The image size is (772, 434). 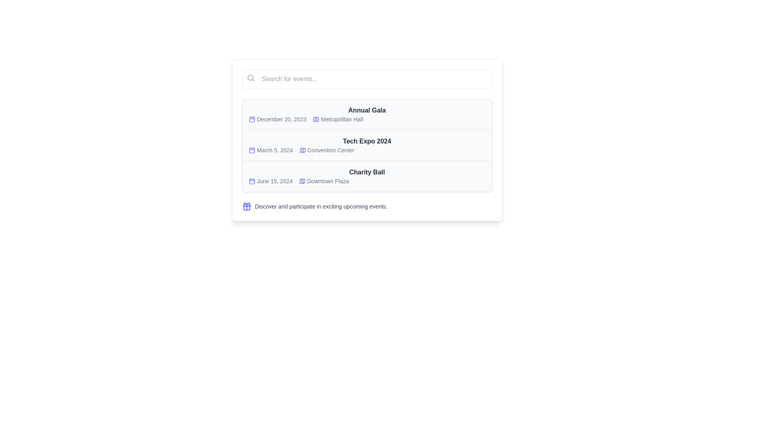 What do you see at coordinates (366, 172) in the screenshot?
I see `the static text element labeled 'Charity Ball', which serves as the title for an event, located within a card-like structure listing events` at bounding box center [366, 172].